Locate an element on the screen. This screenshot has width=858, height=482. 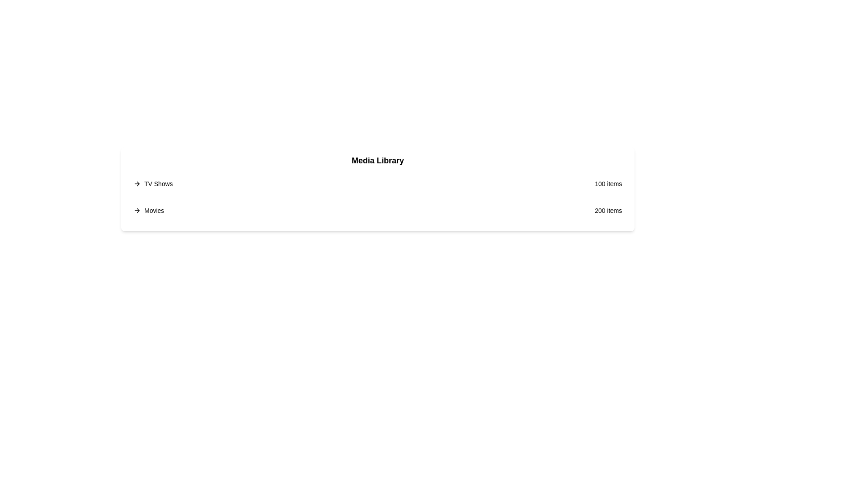
the 'TV Shows' text label in the media library navigation menu is located at coordinates (158, 183).